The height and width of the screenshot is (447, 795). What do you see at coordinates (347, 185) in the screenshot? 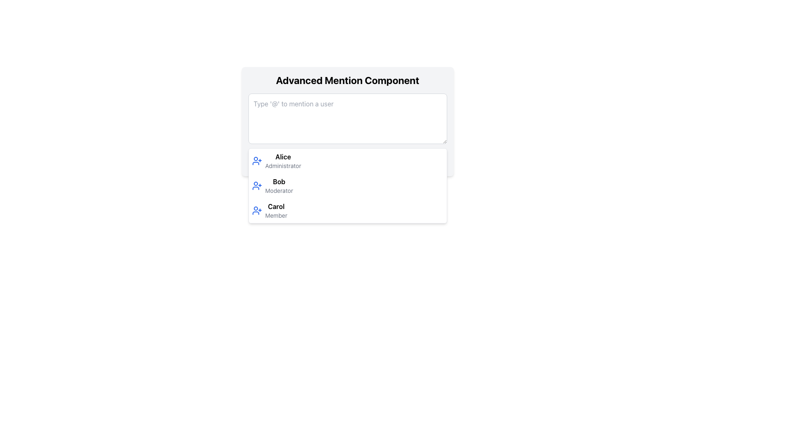
I see `the second user option 'Bob' in the dropdown menu` at bounding box center [347, 185].